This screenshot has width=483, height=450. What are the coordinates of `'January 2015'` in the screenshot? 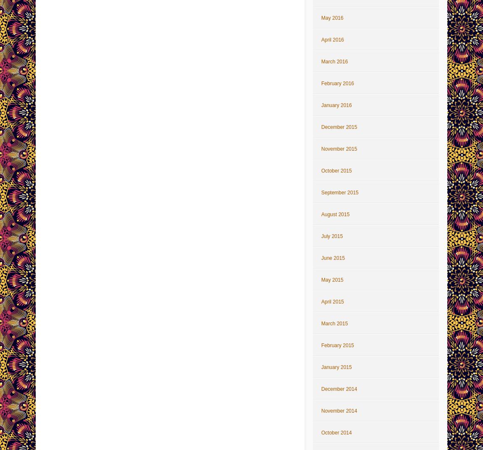 It's located at (336, 367).